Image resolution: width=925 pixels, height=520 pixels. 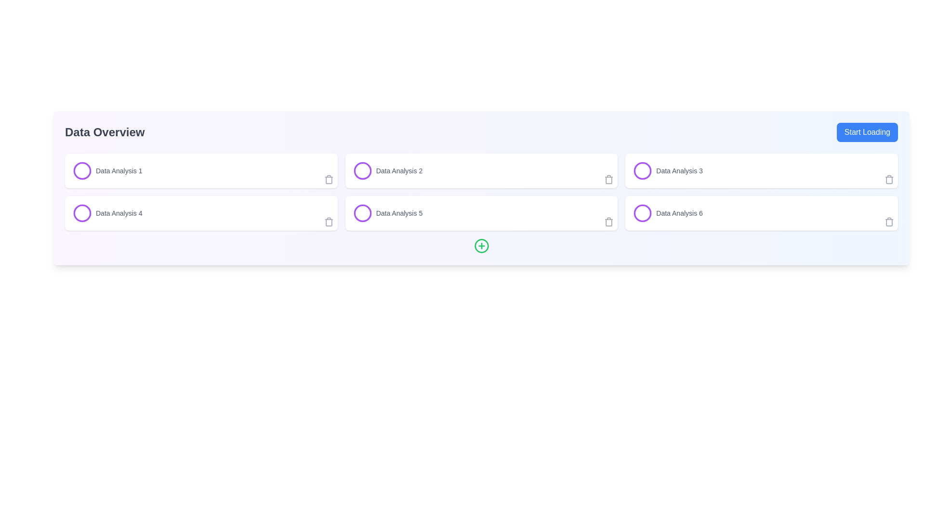 What do you see at coordinates (679, 213) in the screenshot?
I see `the text label displaying 'Data Analysis 6', which is located in the lower-right section of the interface, right next to a circular icon with a purple outline` at bounding box center [679, 213].